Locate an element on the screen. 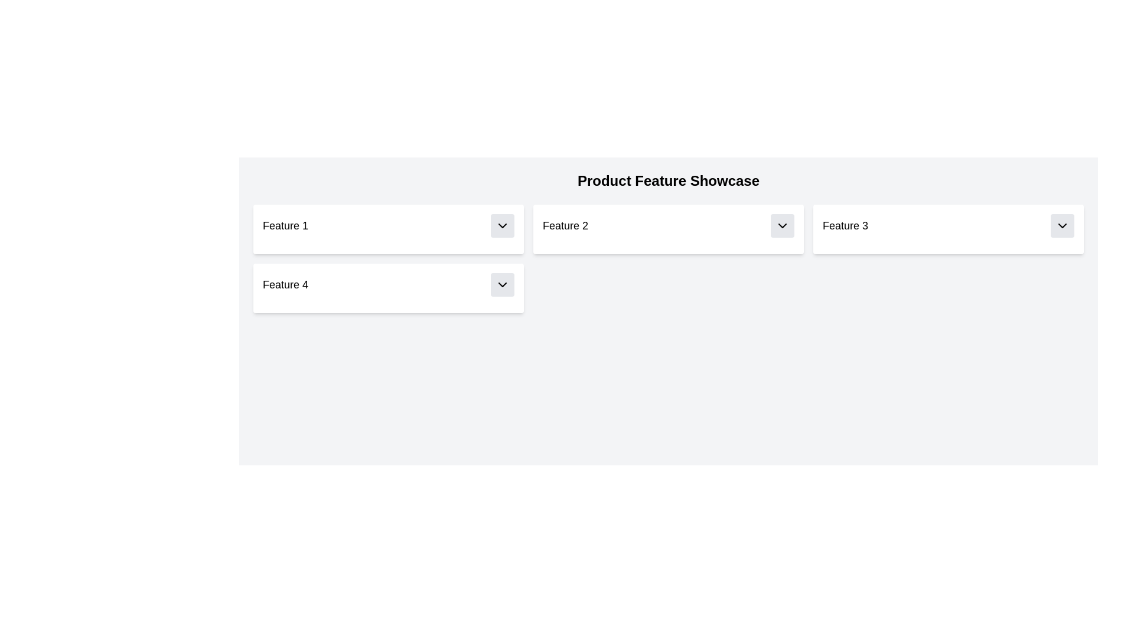 The height and width of the screenshot is (637, 1134). the text label displaying 'Feature 3' in bold style located at the upper-right card of the grid-like arrangement of feature descriptions is located at coordinates (845, 225).